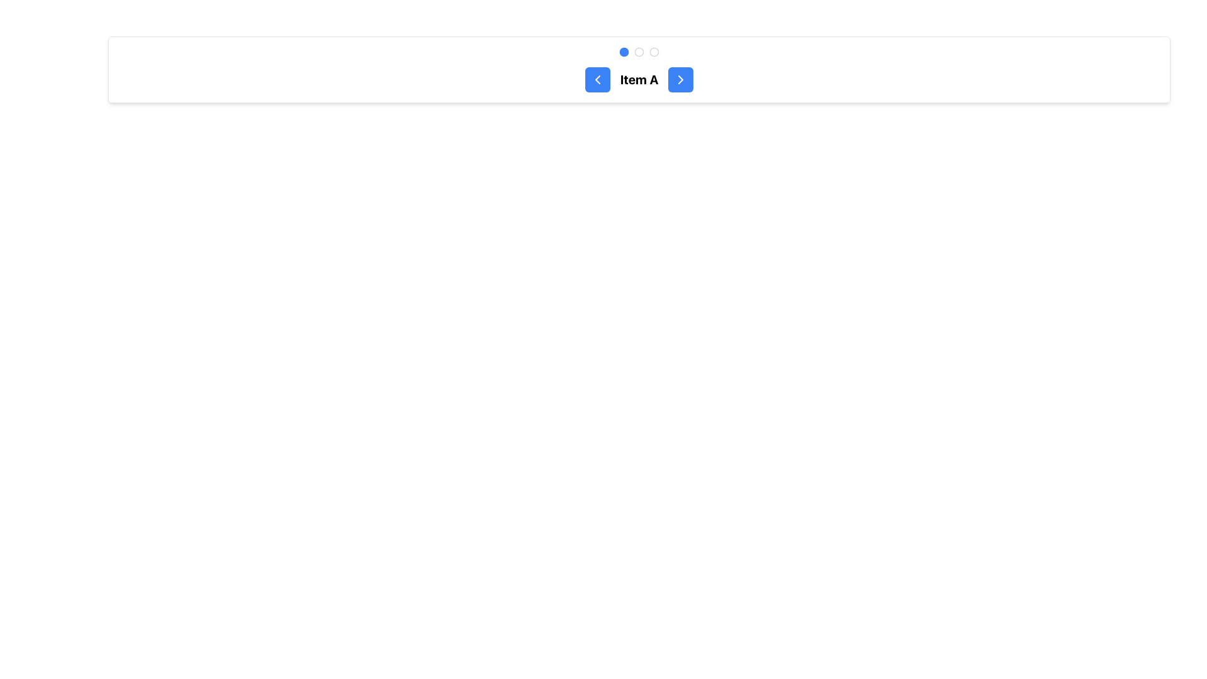 The height and width of the screenshot is (679, 1207). I want to click on the chevron icon inside the circular button on the far-right side of the blue control bar, so click(680, 80).